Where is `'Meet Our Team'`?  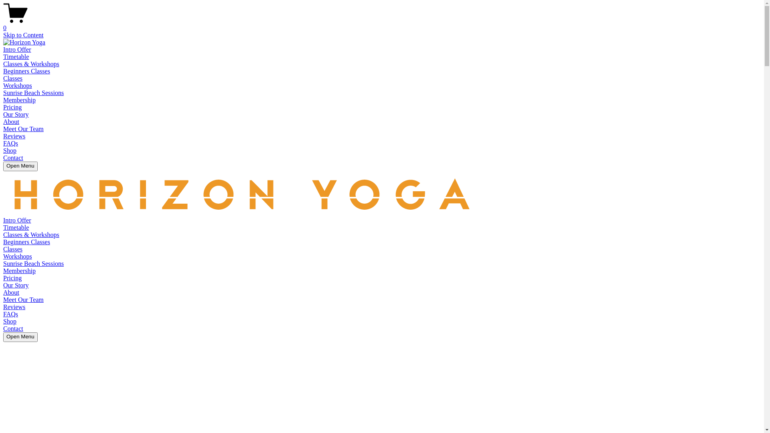
'Meet Our Team' is located at coordinates (23, 299).